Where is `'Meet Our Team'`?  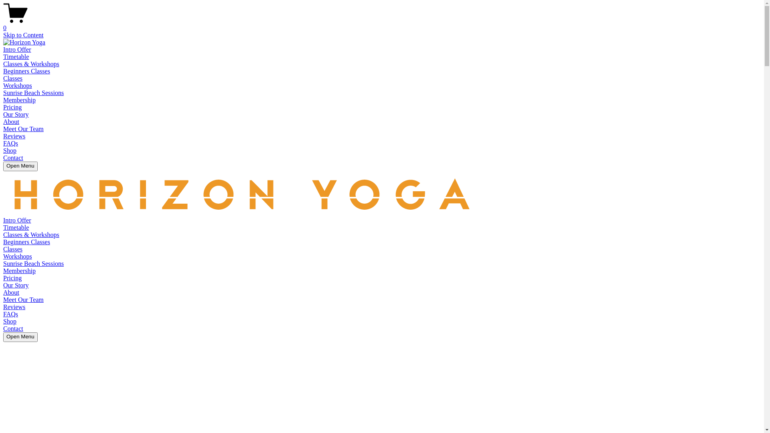
'Meet Our Team' is located at coordinates (23, 299).